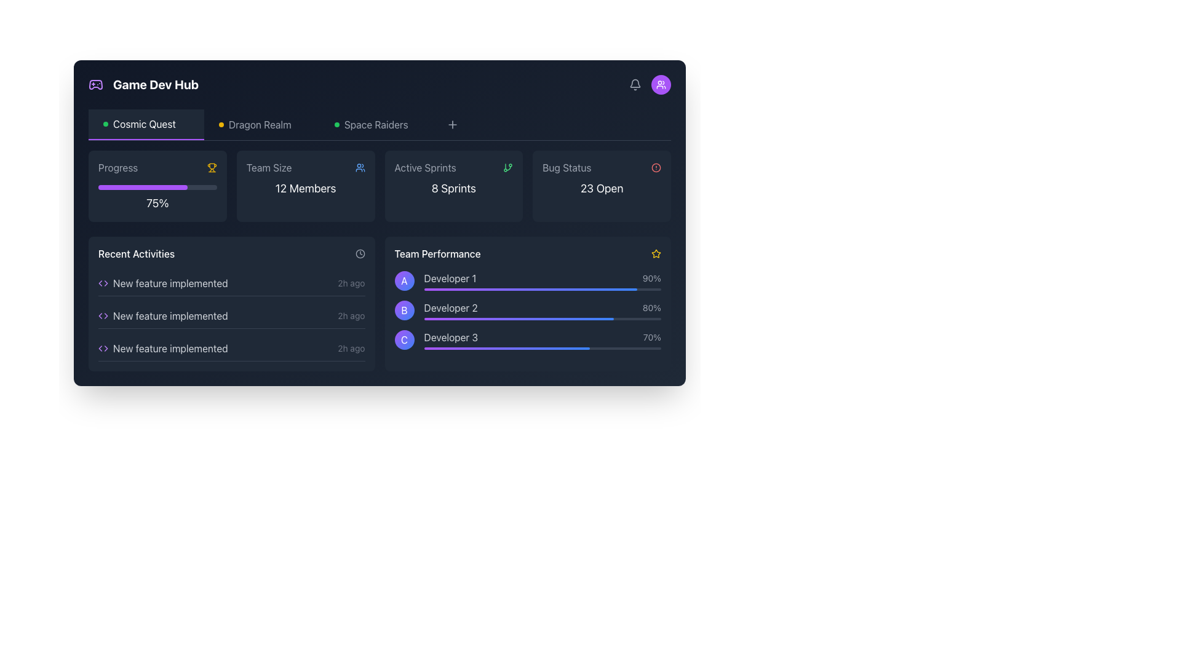 The height and width of the screenshot is (664, 1181). What do you see at coordinates (661, 84) in the screenshot?
I see `the circular icon button with a purple background and a white outline of a group of users symbol, located at the top-right corner of the interface` at bounding box center [661, 84].